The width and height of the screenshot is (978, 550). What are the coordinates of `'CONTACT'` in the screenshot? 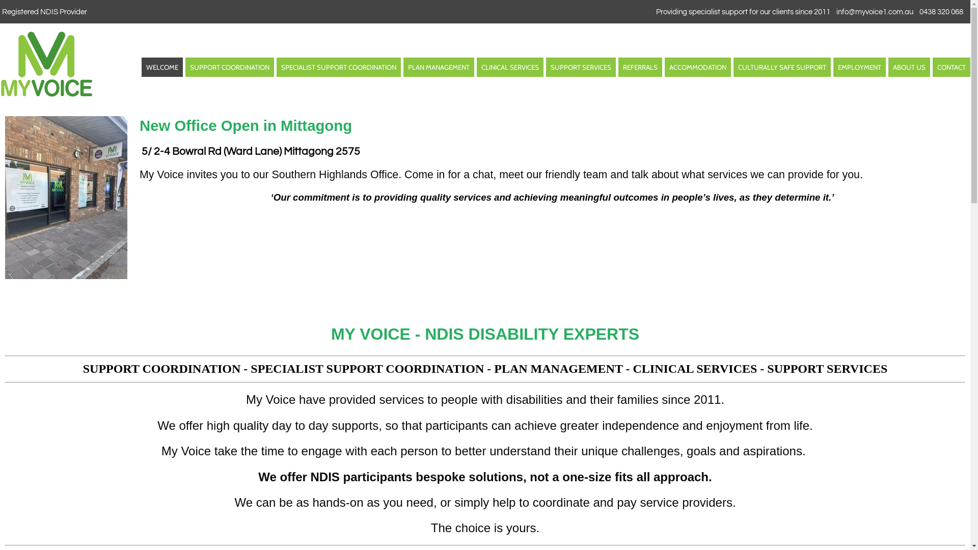 It's located at (932, 67).